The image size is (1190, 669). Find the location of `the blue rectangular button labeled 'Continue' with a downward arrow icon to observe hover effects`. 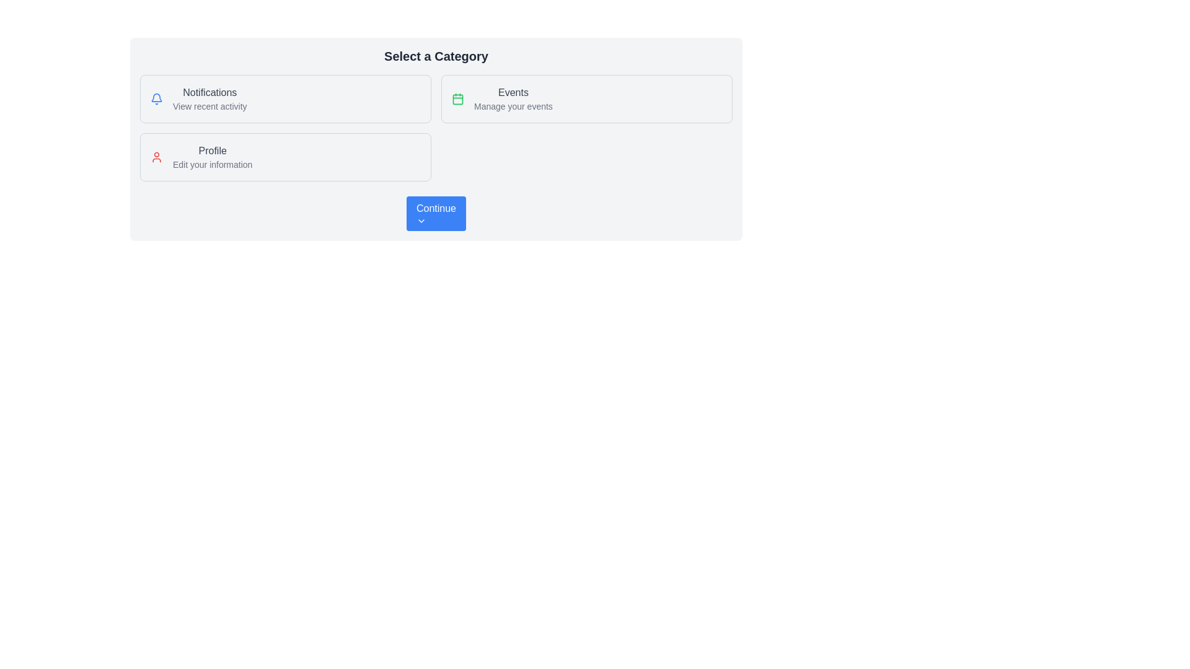

the blue rectangular button labeled 'Continue' with a downward arrow icon to observe hover effects is located at coordinates (436, 212).